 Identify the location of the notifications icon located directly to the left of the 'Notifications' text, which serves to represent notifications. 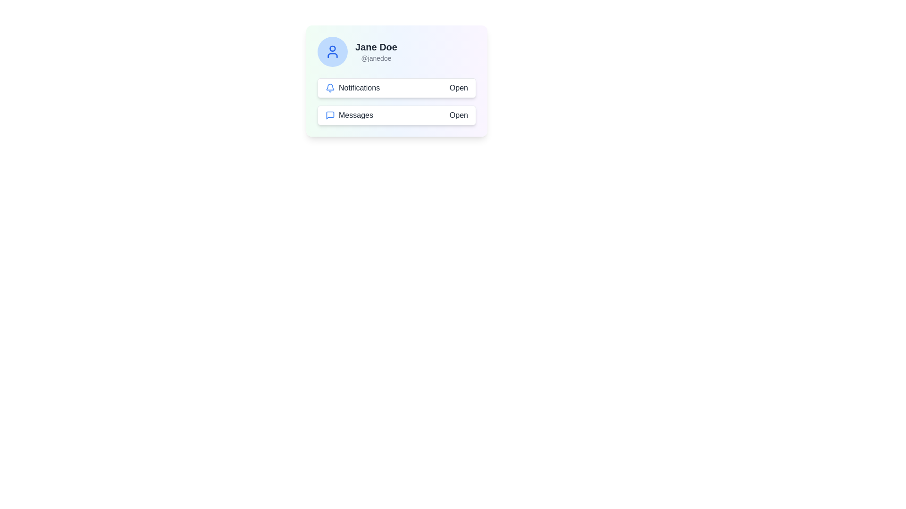
(330, 88).